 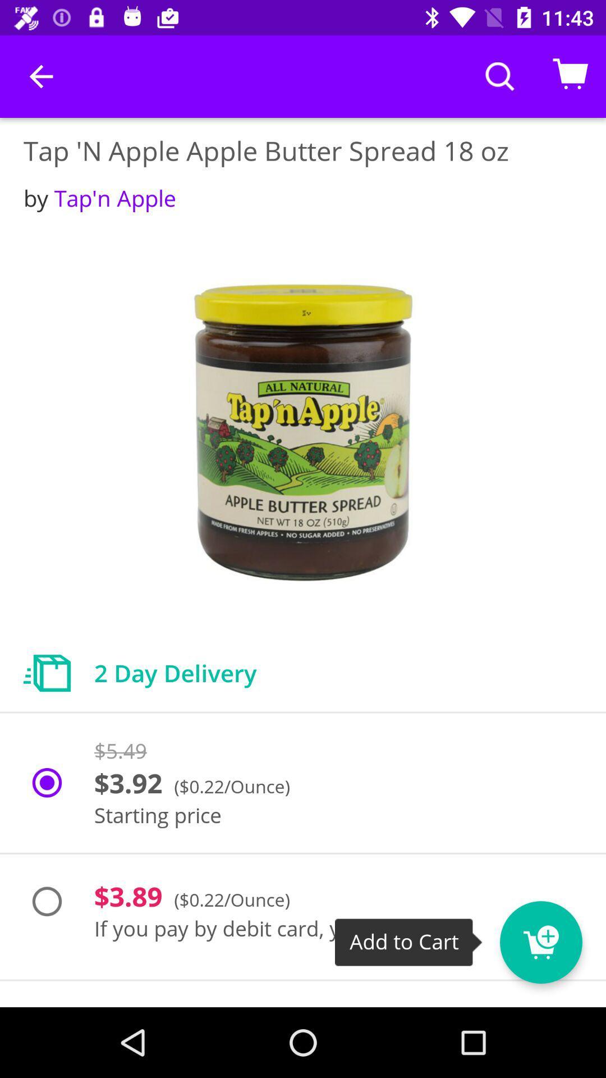 I want to click on icon next to add to cart, so click(x=540, y=942).